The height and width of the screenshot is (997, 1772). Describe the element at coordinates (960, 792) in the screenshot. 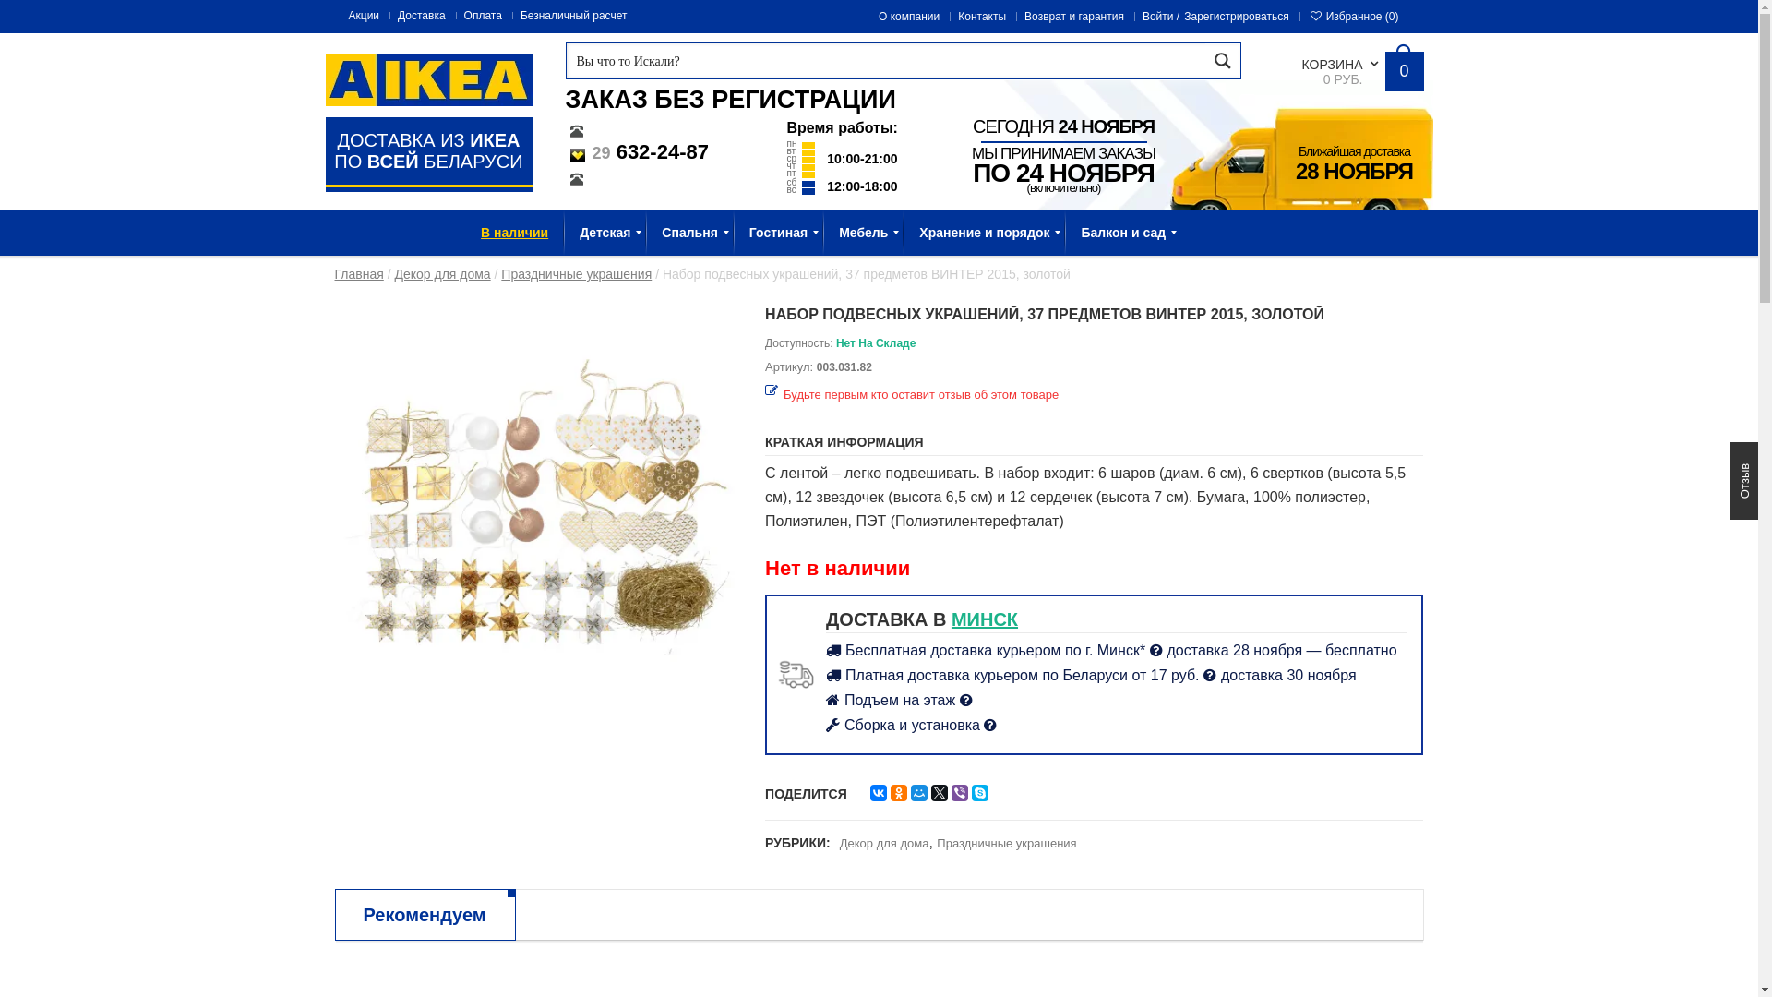

I see `'Viber'` at that location.